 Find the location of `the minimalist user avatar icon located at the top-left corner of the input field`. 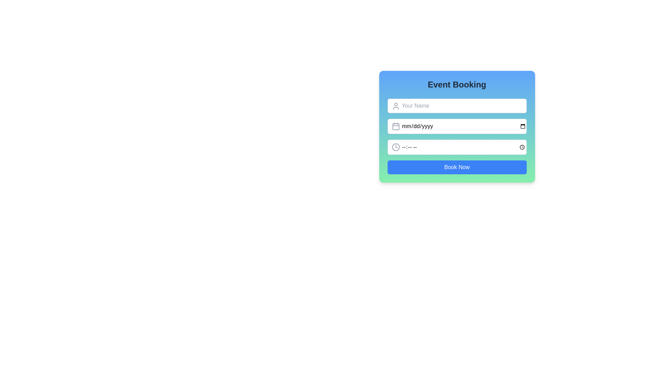

the minimalist user avatar icon located at the top-left corner of the input field is located at coordinates (396, 106).